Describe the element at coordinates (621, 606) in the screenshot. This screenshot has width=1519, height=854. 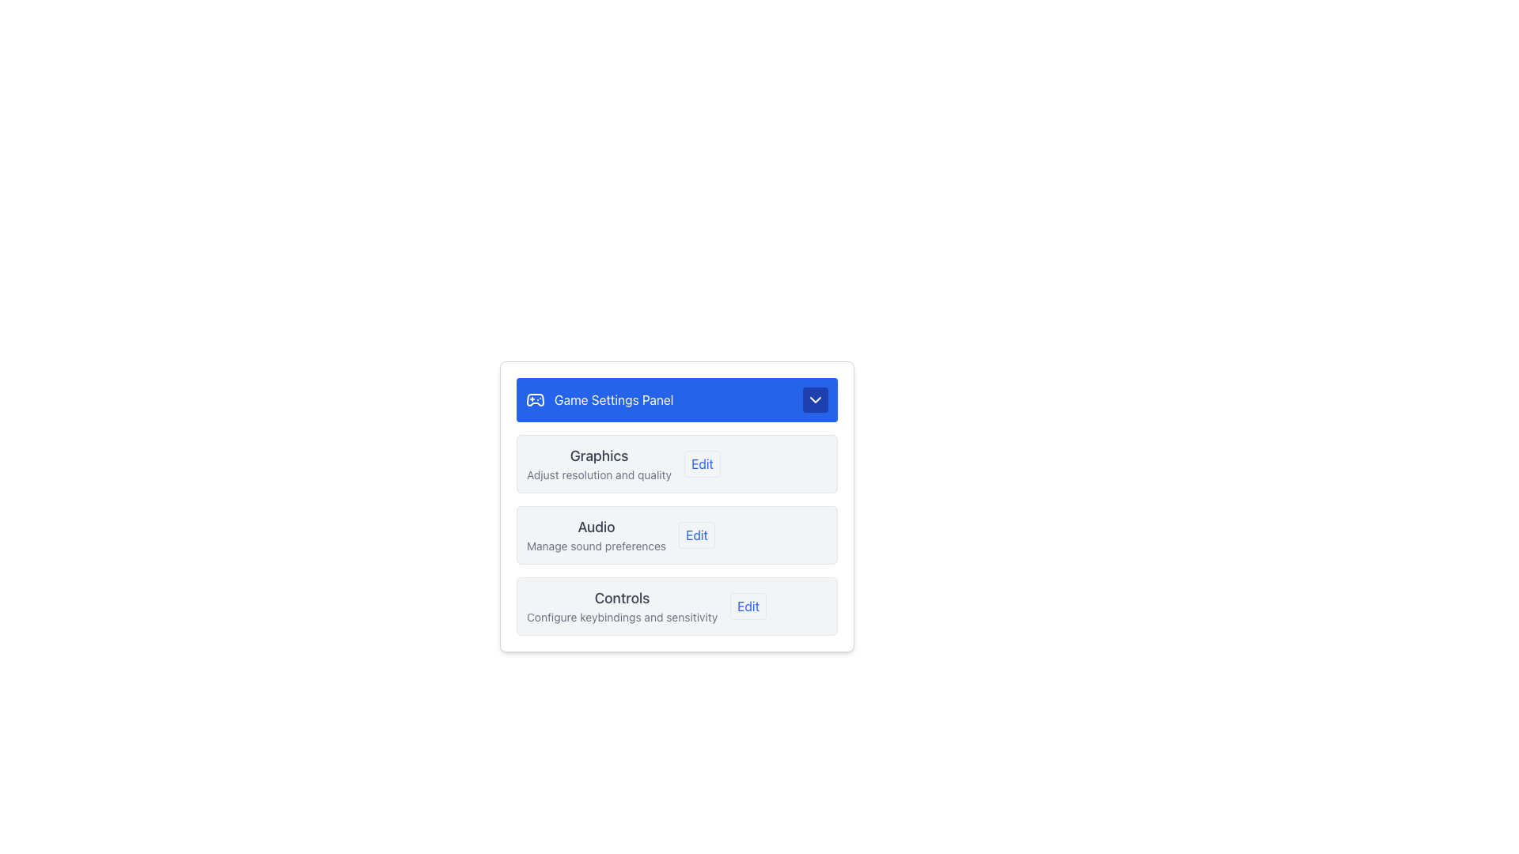
I see `the Label element that describes the 'Controls' section, which clarifies the purpose of keybindings and sensitivity settings` at that location.